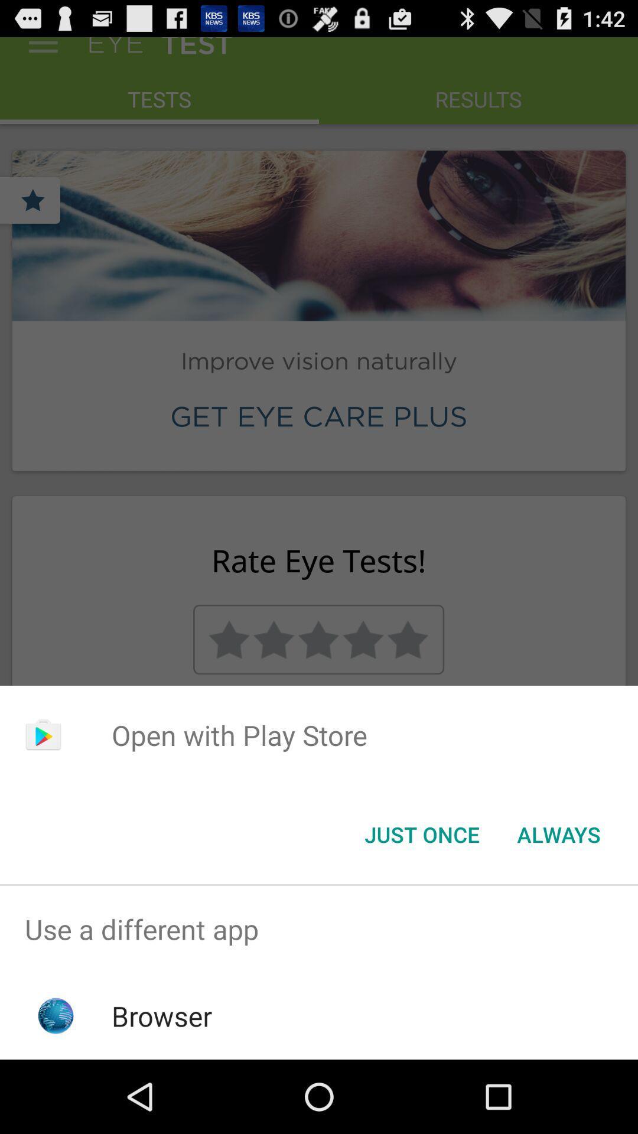  What do you see at coordinates (421, 833) in the screenshot?
I see `icon below open with play app` at bounding box center [421, 833].